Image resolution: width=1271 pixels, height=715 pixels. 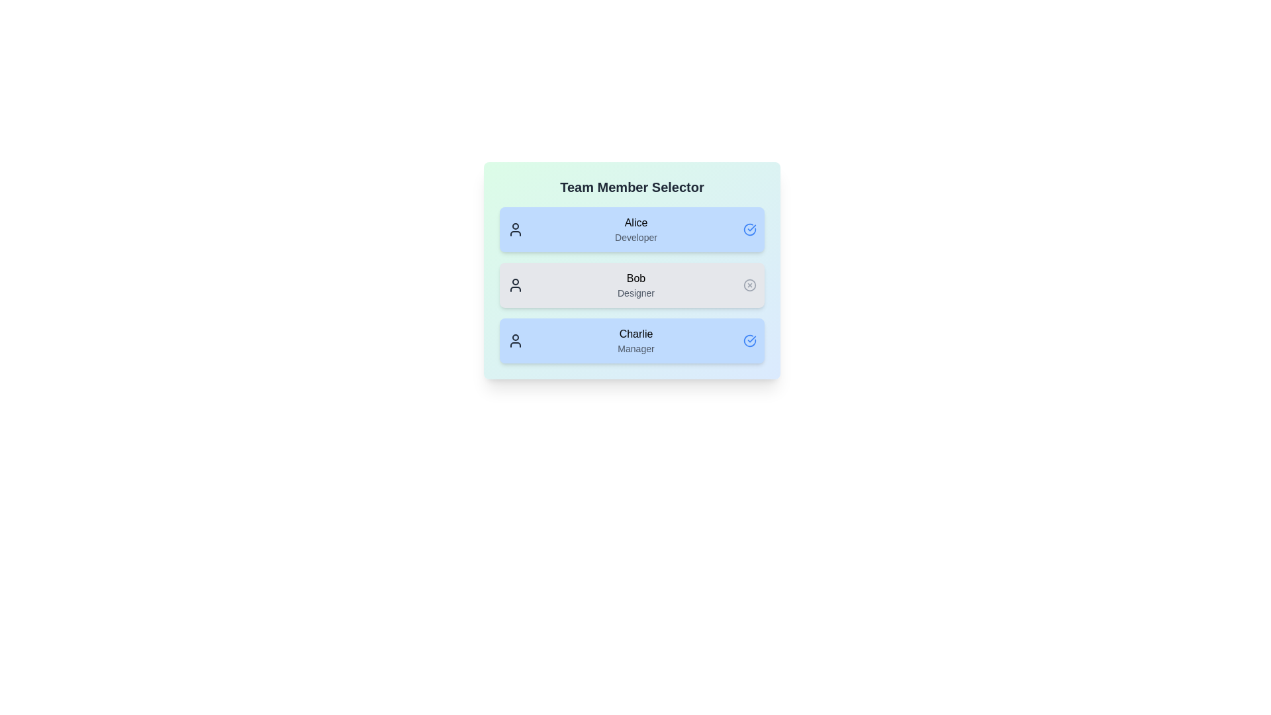 What do you see at coordinates (632, 340) in the screenshot?
I see `the member card corresponding to Charlie` at bounding box center [632, 340].